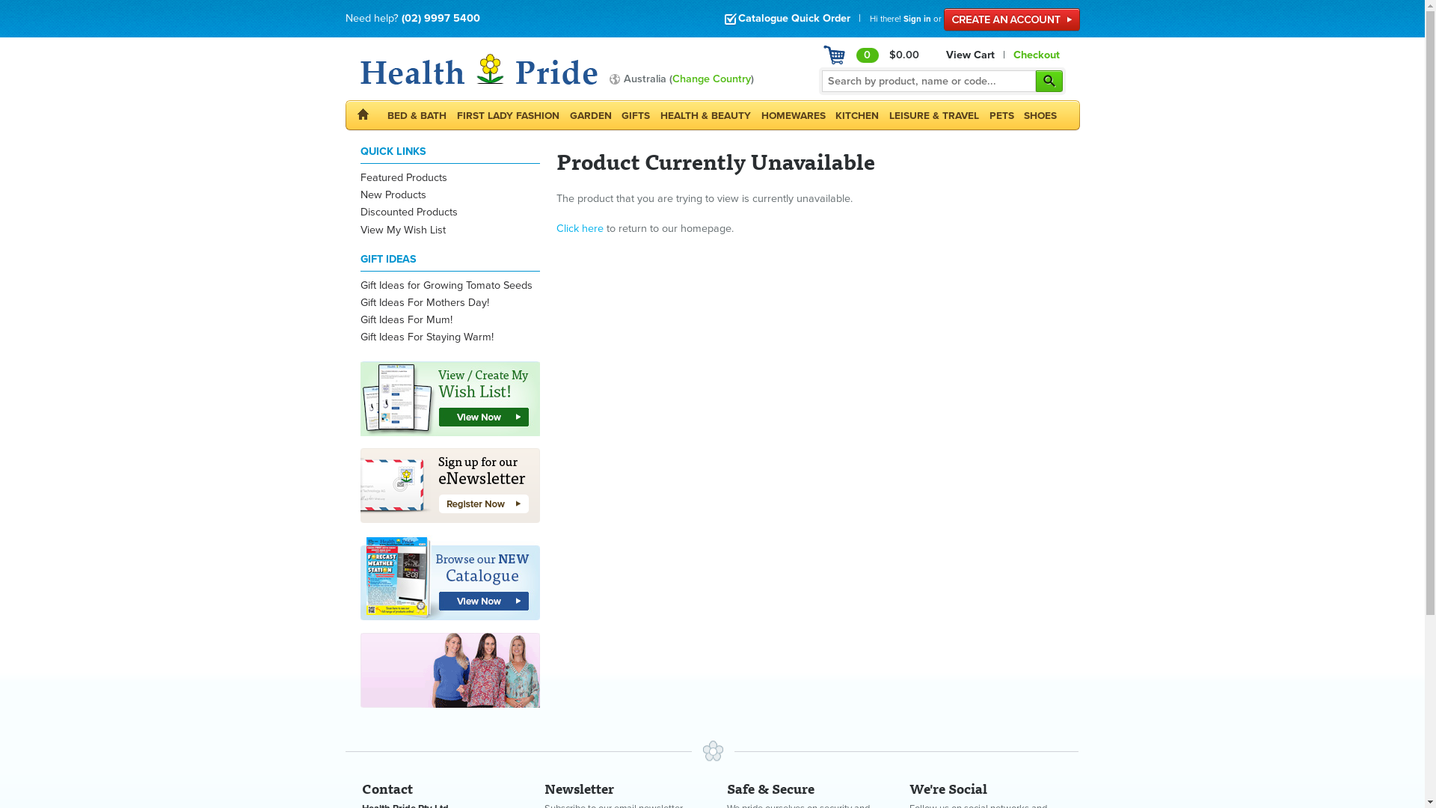  Describe the element at coordinates (970, 54) in the screenshot. I see `'View Cart'` at that location.